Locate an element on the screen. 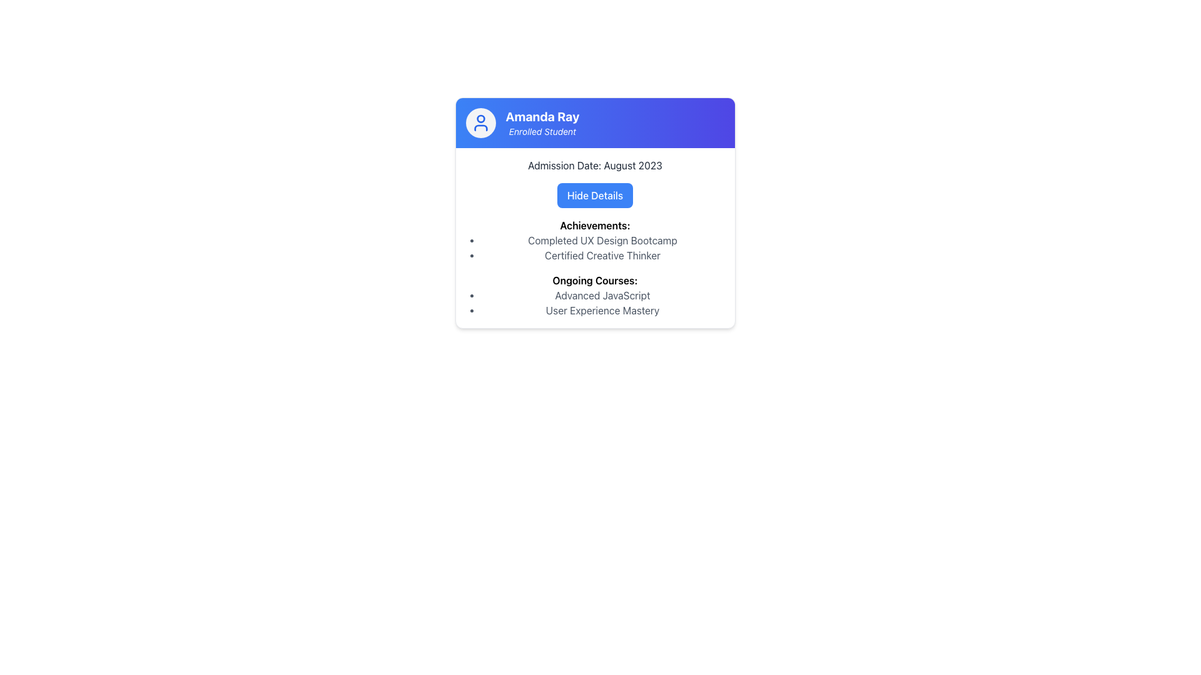 The image size is (1201, 675). the 'Enrolled Student' text label located below the 'Amanda Ray' text in the blue header box is located at coordinates (542, 132).